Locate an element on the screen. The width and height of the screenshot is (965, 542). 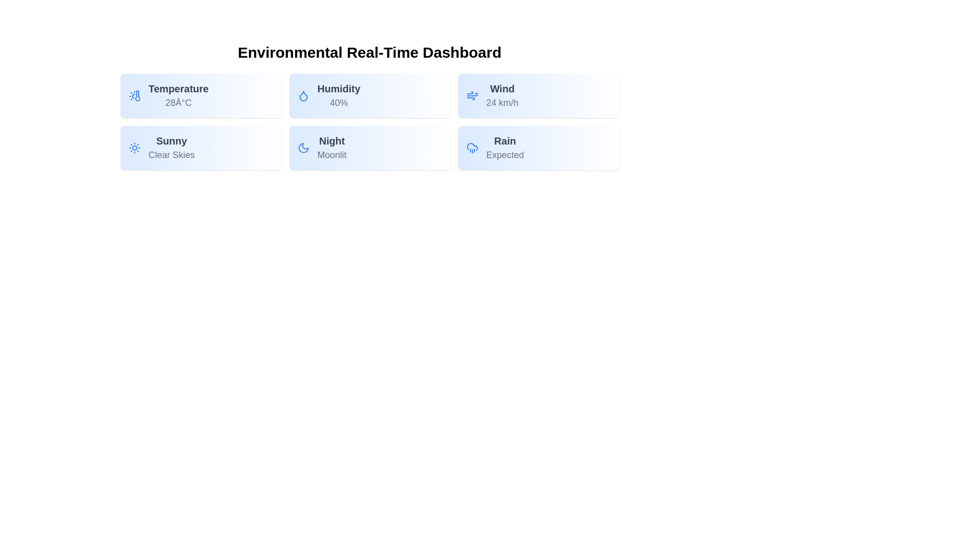
the 'Sunny' graphic icon located in the lower left box of the dashboard layout, above the 'Clear Skies' text is located at coordinates (134, 148).